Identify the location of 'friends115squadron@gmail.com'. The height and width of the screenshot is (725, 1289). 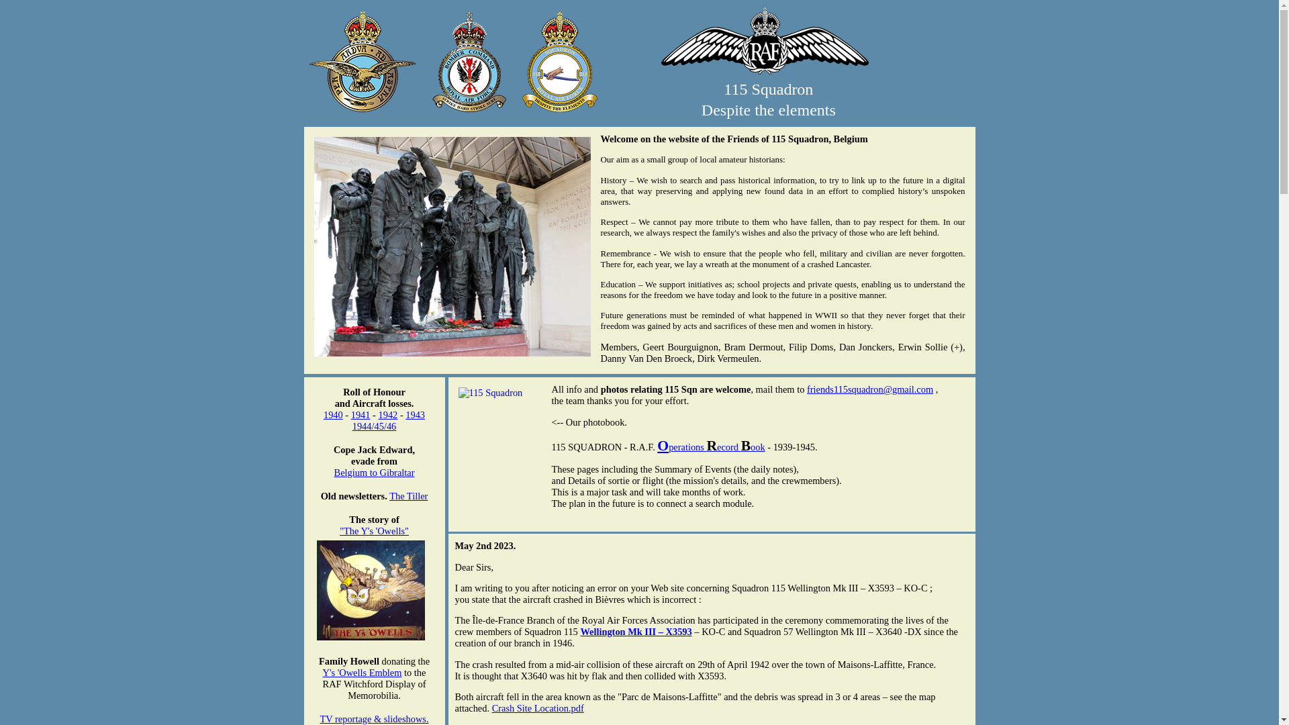
(870, 389).